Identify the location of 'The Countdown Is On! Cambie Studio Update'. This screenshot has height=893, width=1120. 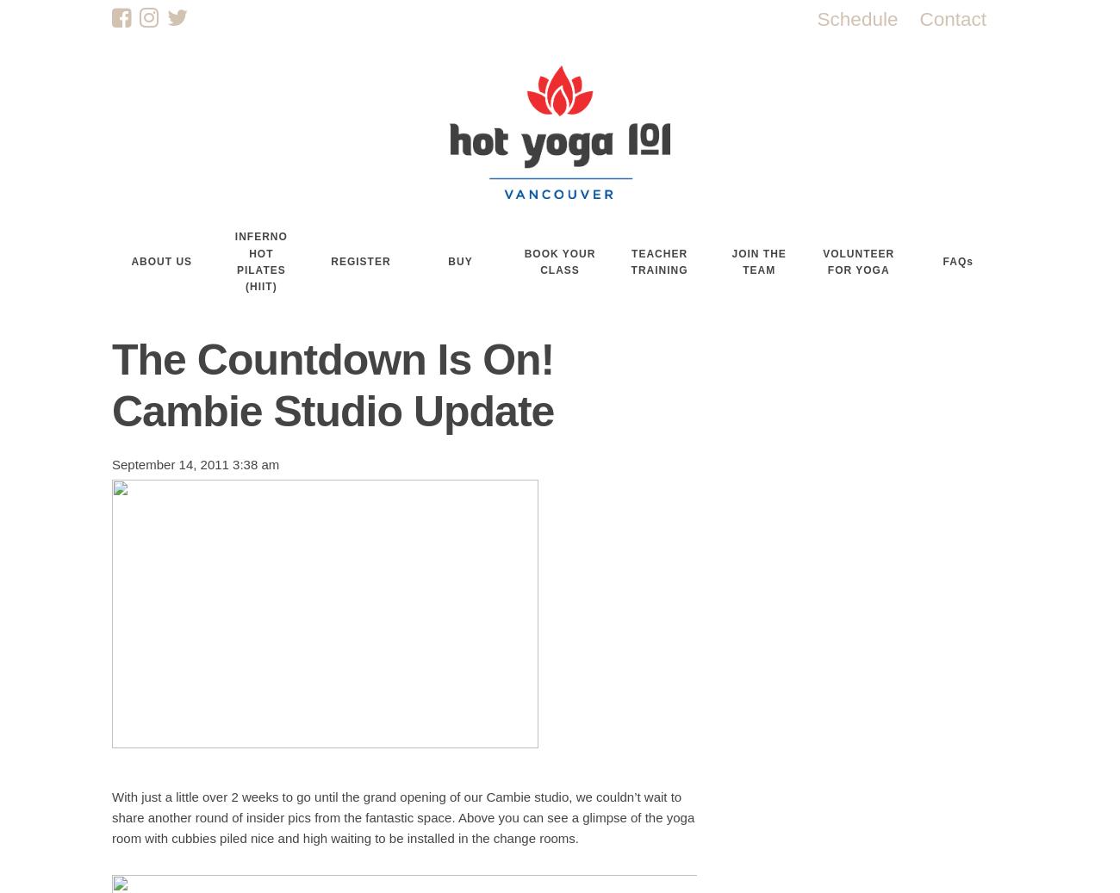
(333, 384).